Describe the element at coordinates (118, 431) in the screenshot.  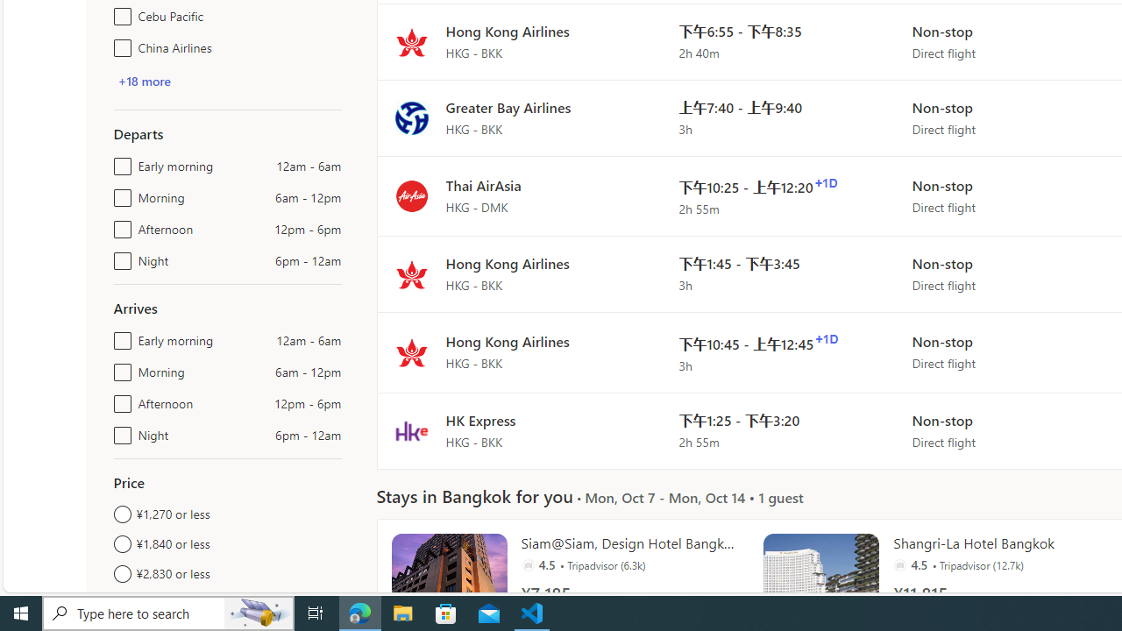
I see `'Night6pm - 12am'` at that location.